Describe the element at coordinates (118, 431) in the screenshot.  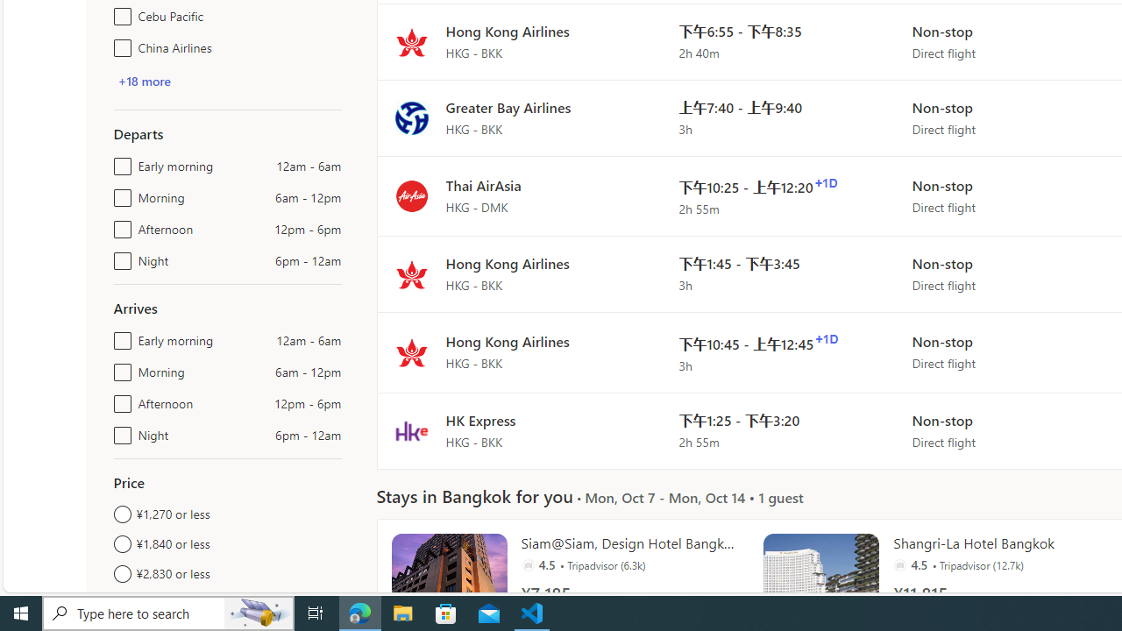
I see `'Night6pm - 12am'` at that location.